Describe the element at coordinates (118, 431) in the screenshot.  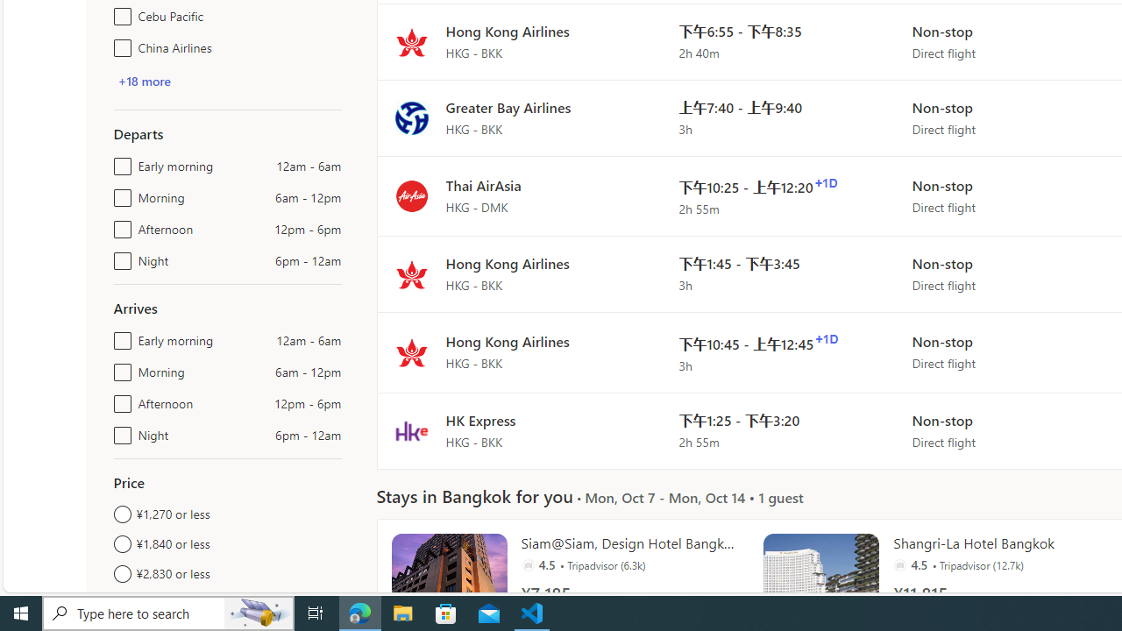
I see `'Night6pm - 12am'` at that location.